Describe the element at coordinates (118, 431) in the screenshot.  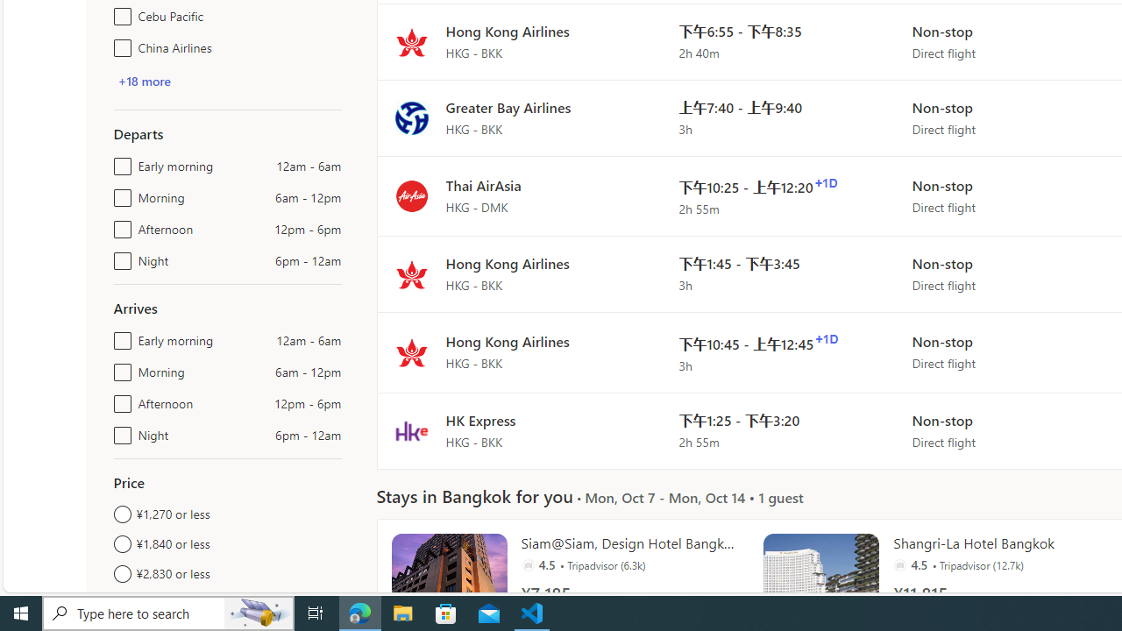
I see `'Night6pm - 12am'` at that location.